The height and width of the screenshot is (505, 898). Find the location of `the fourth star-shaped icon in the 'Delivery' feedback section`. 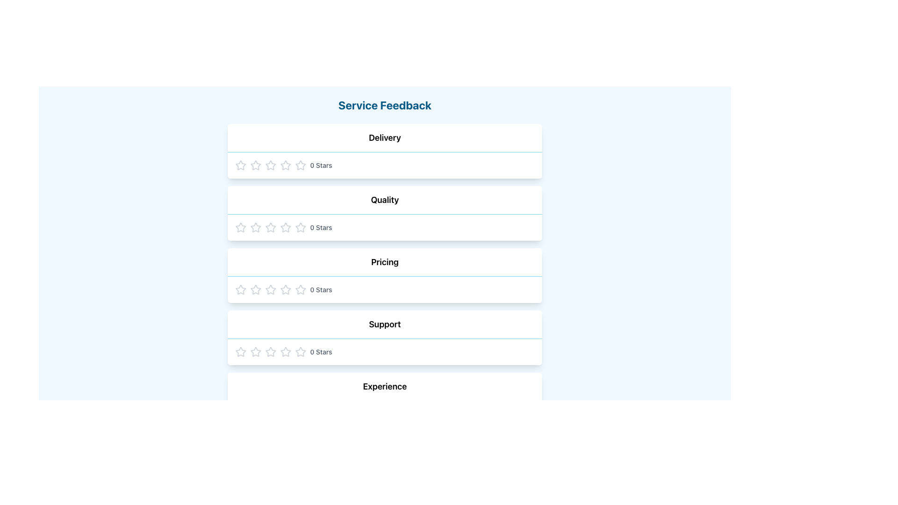

the fourth star-shaped icon in the 'Delivery' feedback section is located at coordinates (270, 165).